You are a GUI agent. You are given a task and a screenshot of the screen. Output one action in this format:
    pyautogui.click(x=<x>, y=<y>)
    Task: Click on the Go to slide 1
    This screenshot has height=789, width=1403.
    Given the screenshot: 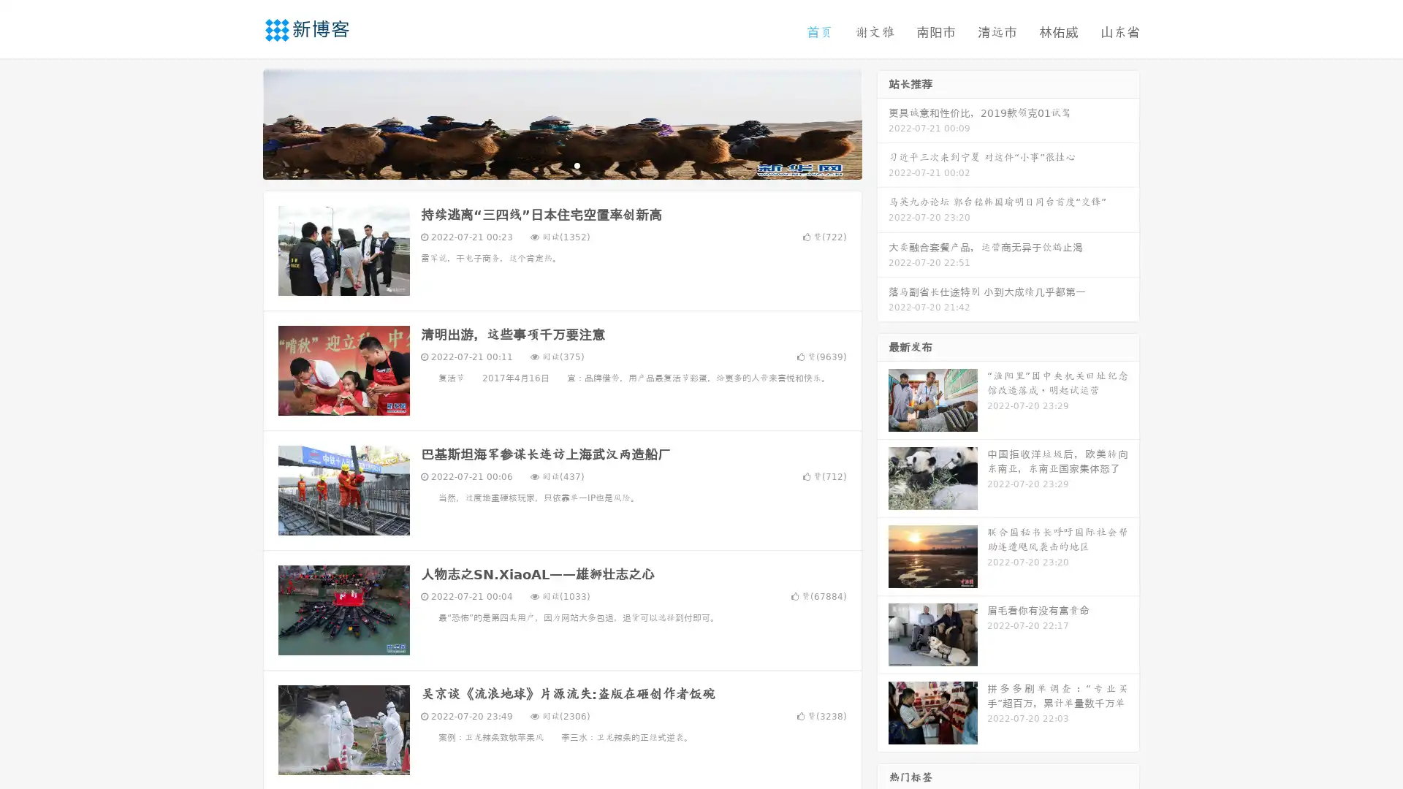 What is the action you would take?
    pyautogui.click(x=547, y=164)
    